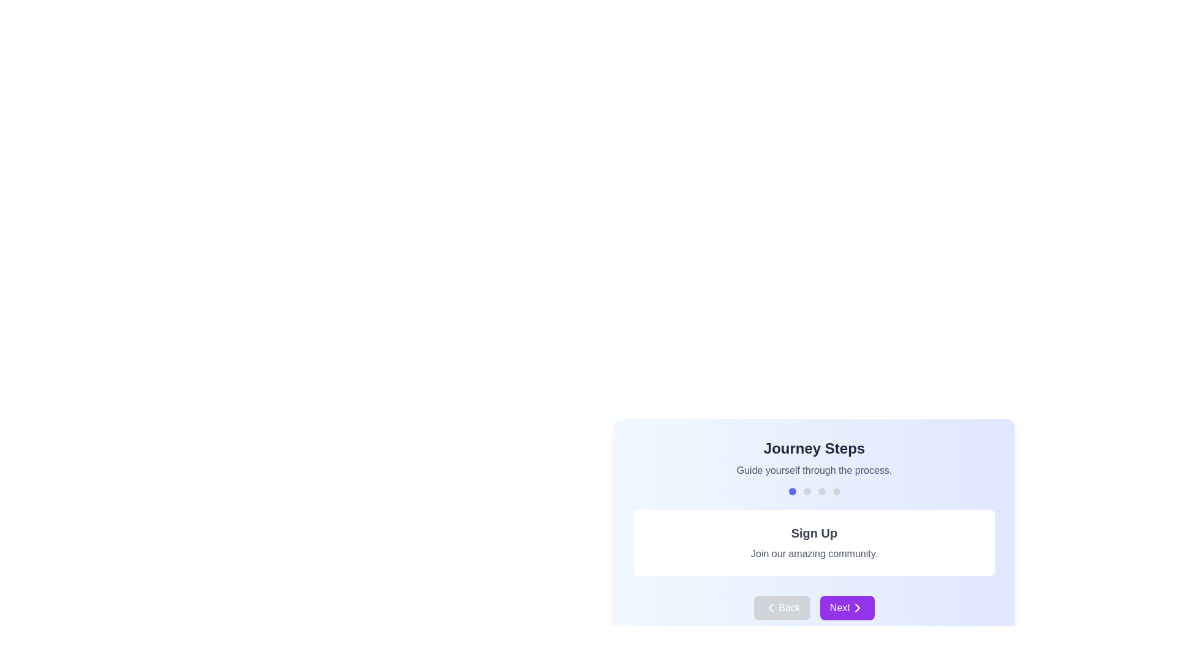  What do you see at coordinates (856, 607) in the screenshot?
I see `the Chevron icon located on the 'Next' button at the bottom-right corner of the card layout` at bounding box center [856, 607].